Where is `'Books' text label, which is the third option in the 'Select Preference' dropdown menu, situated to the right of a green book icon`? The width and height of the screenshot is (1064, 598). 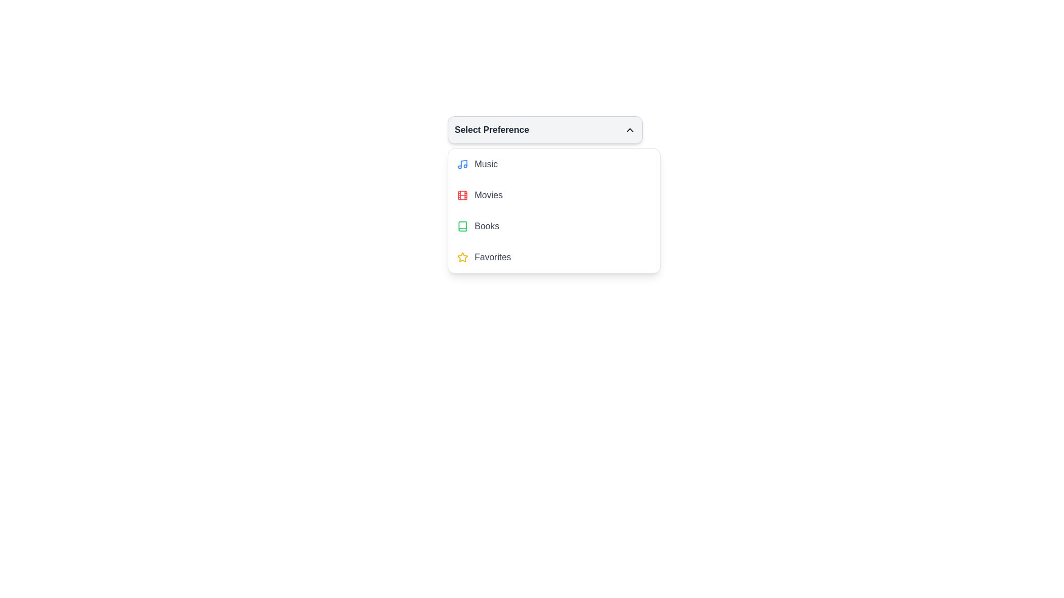
'Books' text label, which is the third option in the 'Select Preference' dropdown menu, situated to the right of a green book icon is located at coordinates (487, 225).